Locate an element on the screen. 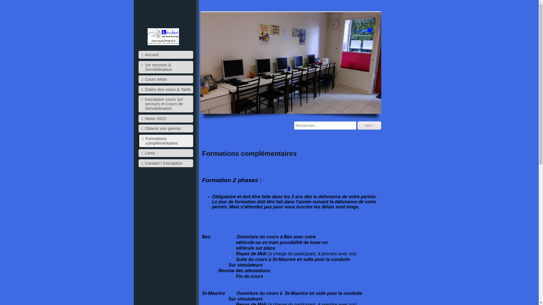  'Contact / Inscription' is located at coordinates (165, 163).